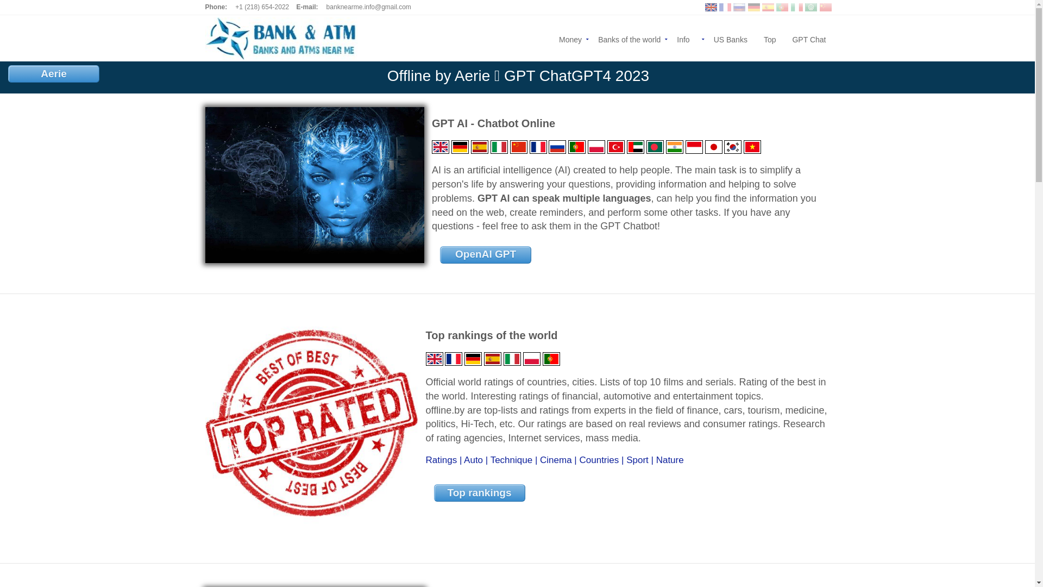 This screenshot has height=587, width=1043. Describe the element at coordinates (234, 7) in the screenshot. I see `'+1 (218) 654-2022'` at that location.